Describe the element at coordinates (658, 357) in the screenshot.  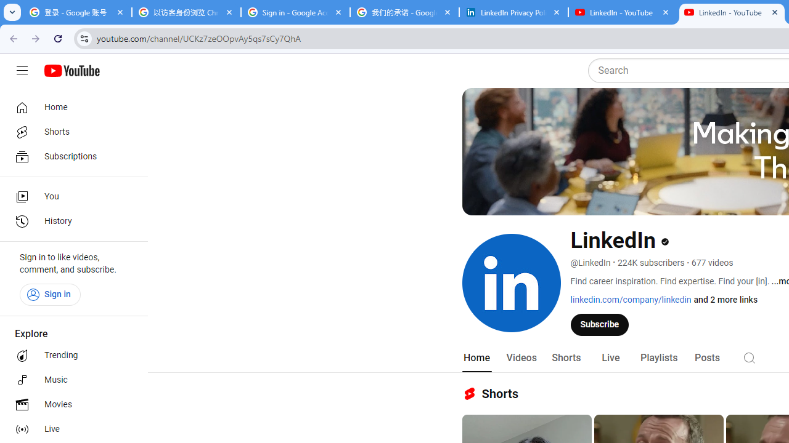
I see `'Playlists'` at that location.